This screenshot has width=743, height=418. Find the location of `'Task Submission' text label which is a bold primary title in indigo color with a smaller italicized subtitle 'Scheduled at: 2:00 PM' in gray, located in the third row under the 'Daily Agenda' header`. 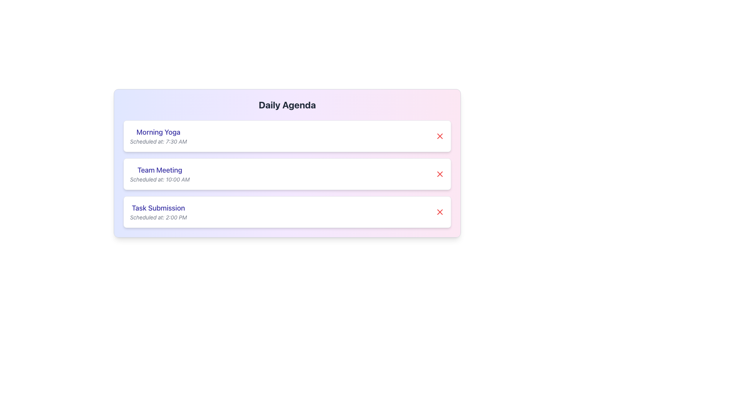

'Task Submission' text label which is a bold primary title in indigo color with a smaller italicized subtitle 'Scheduled at: 2:00 PM' in gray, located in the third row under the 'Daily Agenda' header is located at coordinates (158, 212).